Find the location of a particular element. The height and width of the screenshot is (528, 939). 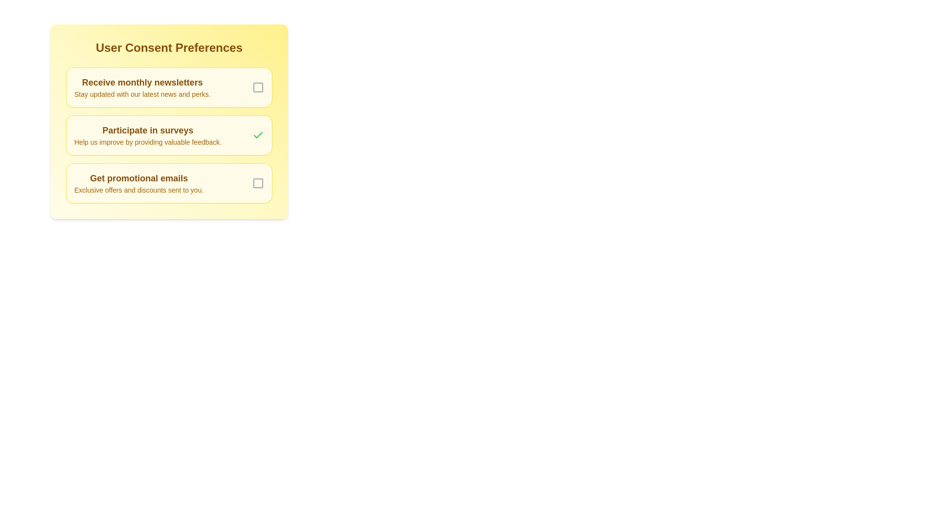

the text label that displays 'Participate in surveys', which is prominently positioned between 'Receive monthly newsletters' and 'Get promotional emails' in the consent preferences section is located at coordinates (147, 130).